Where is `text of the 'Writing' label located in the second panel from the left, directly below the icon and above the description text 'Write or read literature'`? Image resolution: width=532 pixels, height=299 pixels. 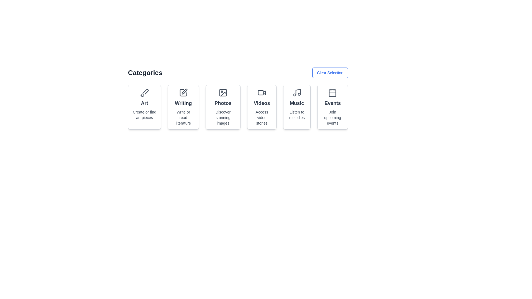 text of the 'Writing' label located in the second panel from the left, directly below the icon and above the description text 'Write or read literature' is located at coordinates (183, 103).